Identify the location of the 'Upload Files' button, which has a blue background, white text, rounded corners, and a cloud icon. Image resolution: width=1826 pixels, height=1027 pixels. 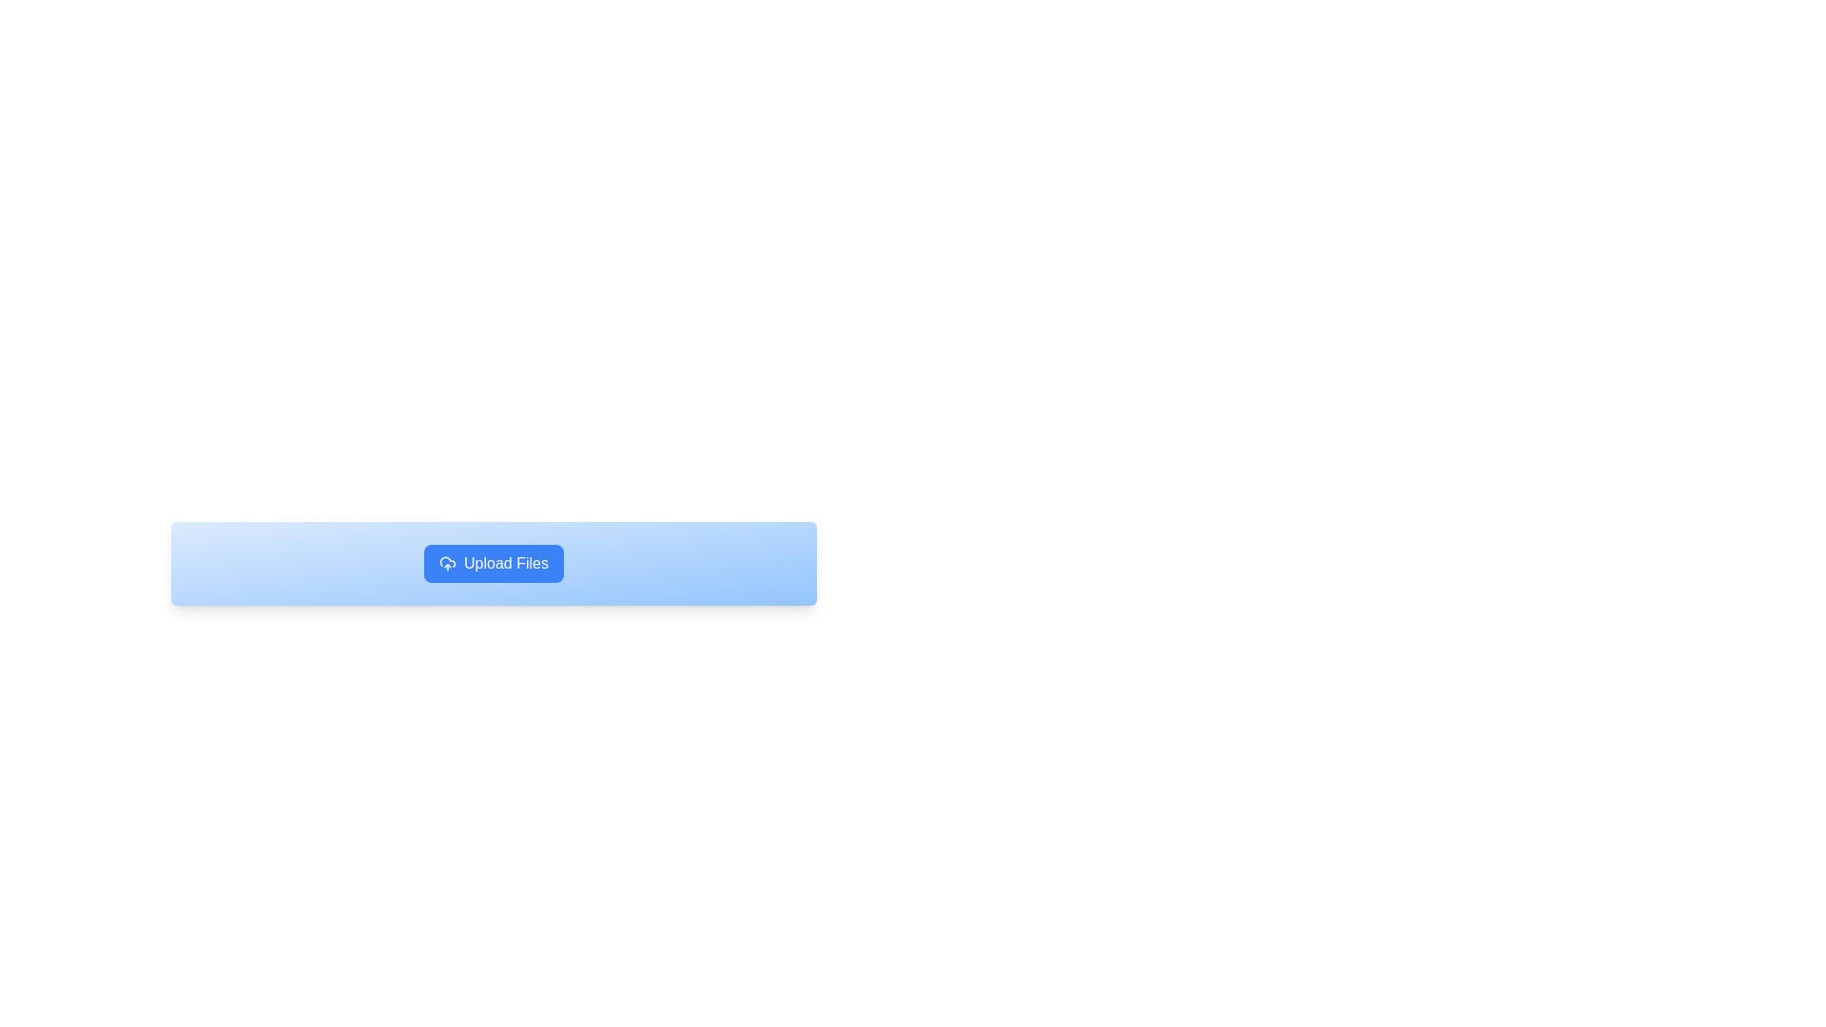
(494, 563).